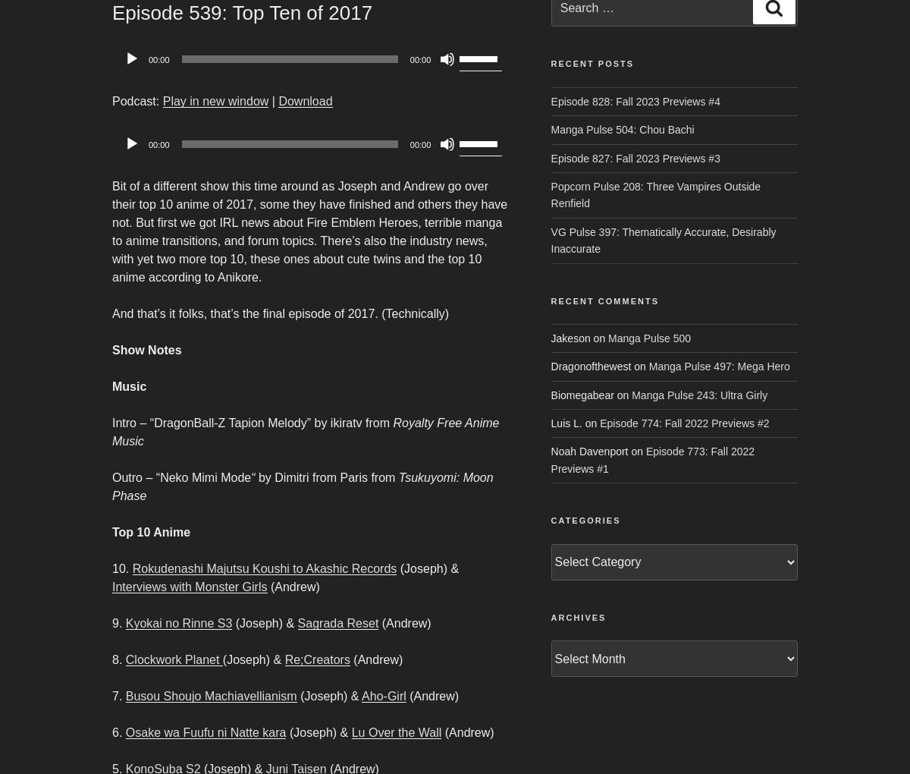 Image resolution: width=910 pixels, height=774 pixels. Describe the element at coordinates (566, 423) in the screenshot. I see `'Luis L.'` at that location.